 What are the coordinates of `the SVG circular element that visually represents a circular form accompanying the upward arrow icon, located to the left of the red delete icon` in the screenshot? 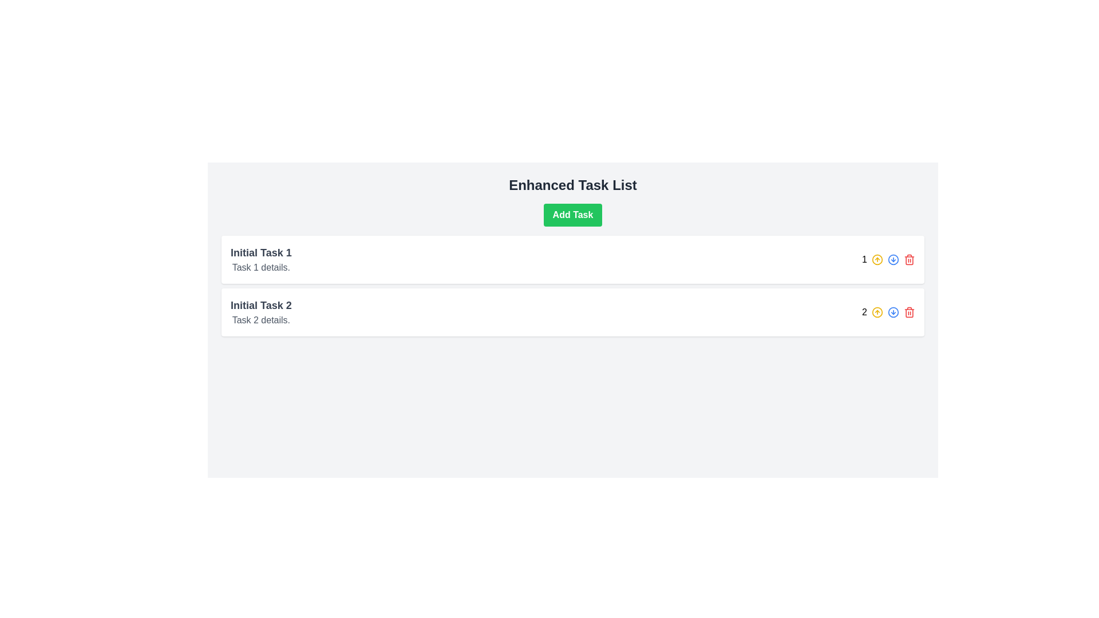 It's located at (876, 312).